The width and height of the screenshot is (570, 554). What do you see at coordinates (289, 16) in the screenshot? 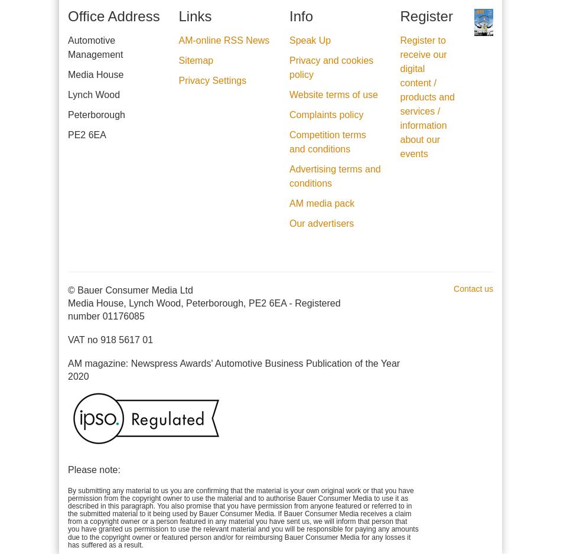
I see `'Info'` at bounding box center [289, 16].